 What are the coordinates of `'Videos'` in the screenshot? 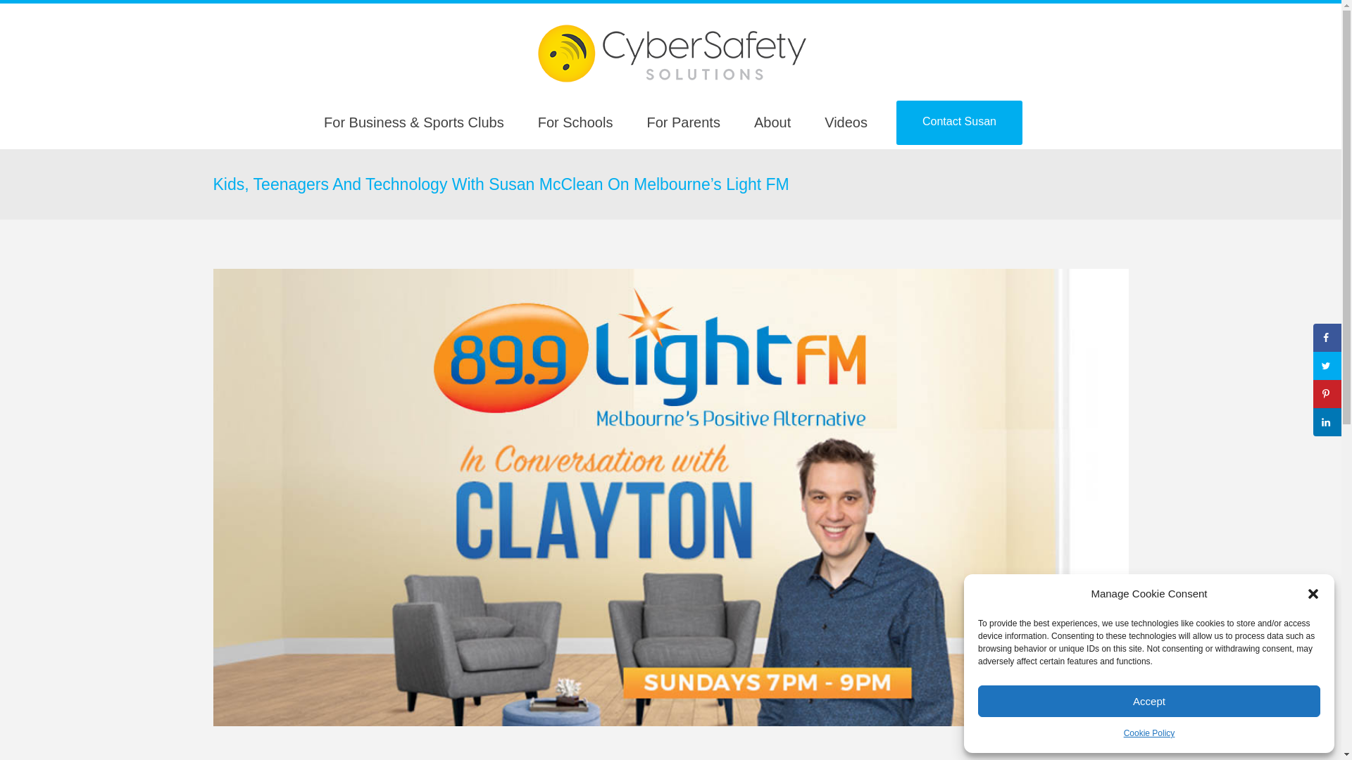 It's located at (845, 122).